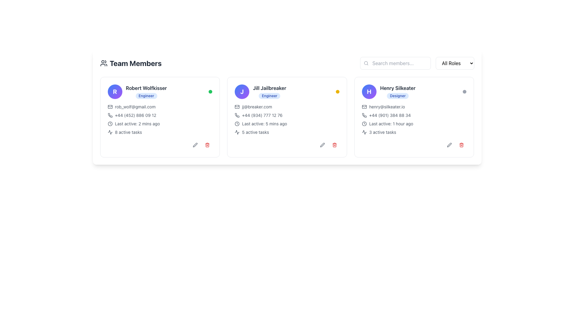 The width and height of the screenshot is (583, 327). What do you see at coordinates (137, 92) in the screenshot?
I see `the Information card header section of the leftmost card` at bounding box center [137, 92].